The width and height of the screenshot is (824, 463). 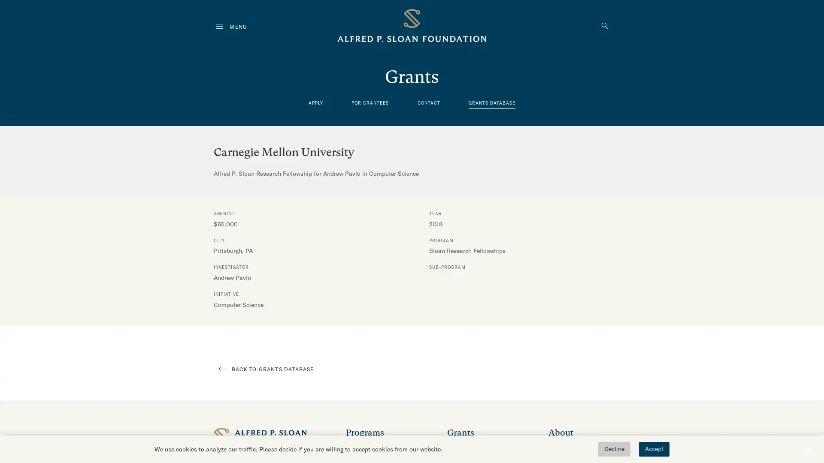 I want to click on MENU, so click(x=231, y=26).